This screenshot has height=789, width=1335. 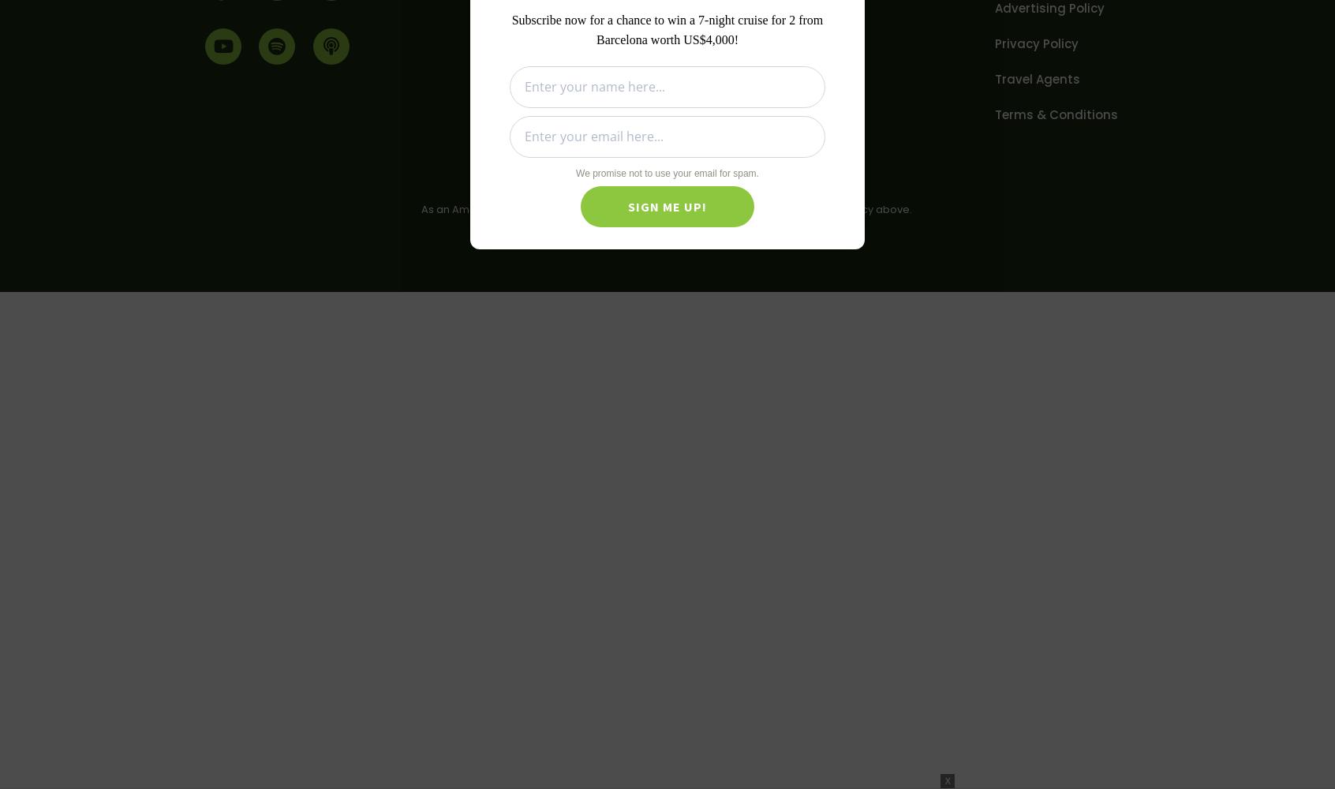 I want to click on 'Newsletter', so click(x=790, y=78).